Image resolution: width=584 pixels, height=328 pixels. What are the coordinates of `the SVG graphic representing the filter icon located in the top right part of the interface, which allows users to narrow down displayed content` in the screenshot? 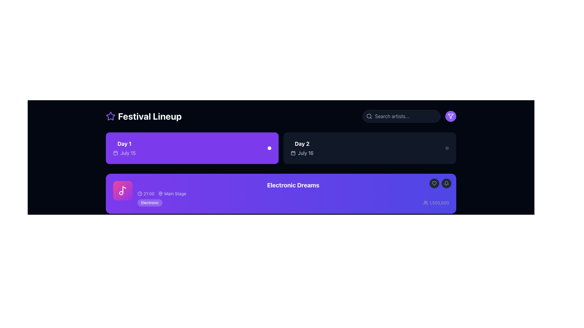 It's located at (451, 116).